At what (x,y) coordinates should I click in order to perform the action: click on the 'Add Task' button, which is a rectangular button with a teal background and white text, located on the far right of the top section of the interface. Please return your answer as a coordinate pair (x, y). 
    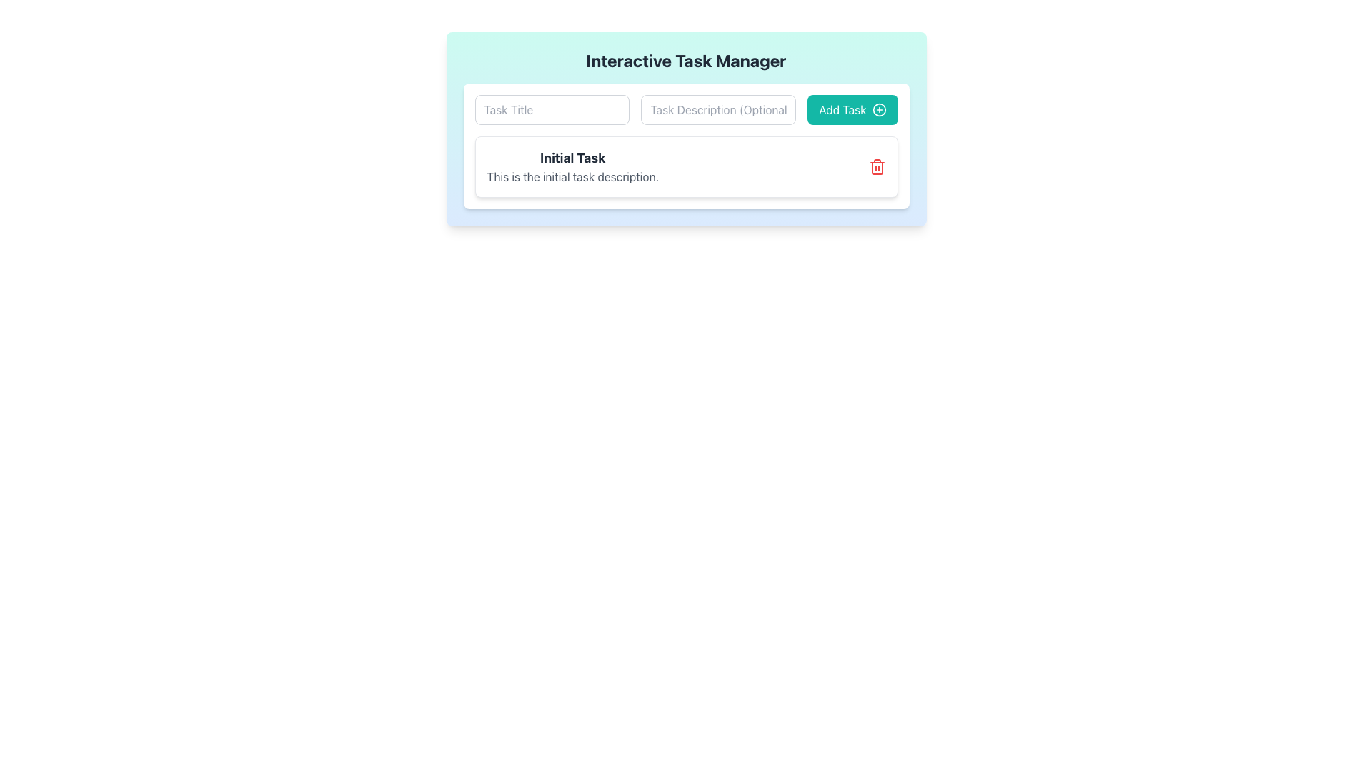
    Looking at the image, I should click on (852, 109).